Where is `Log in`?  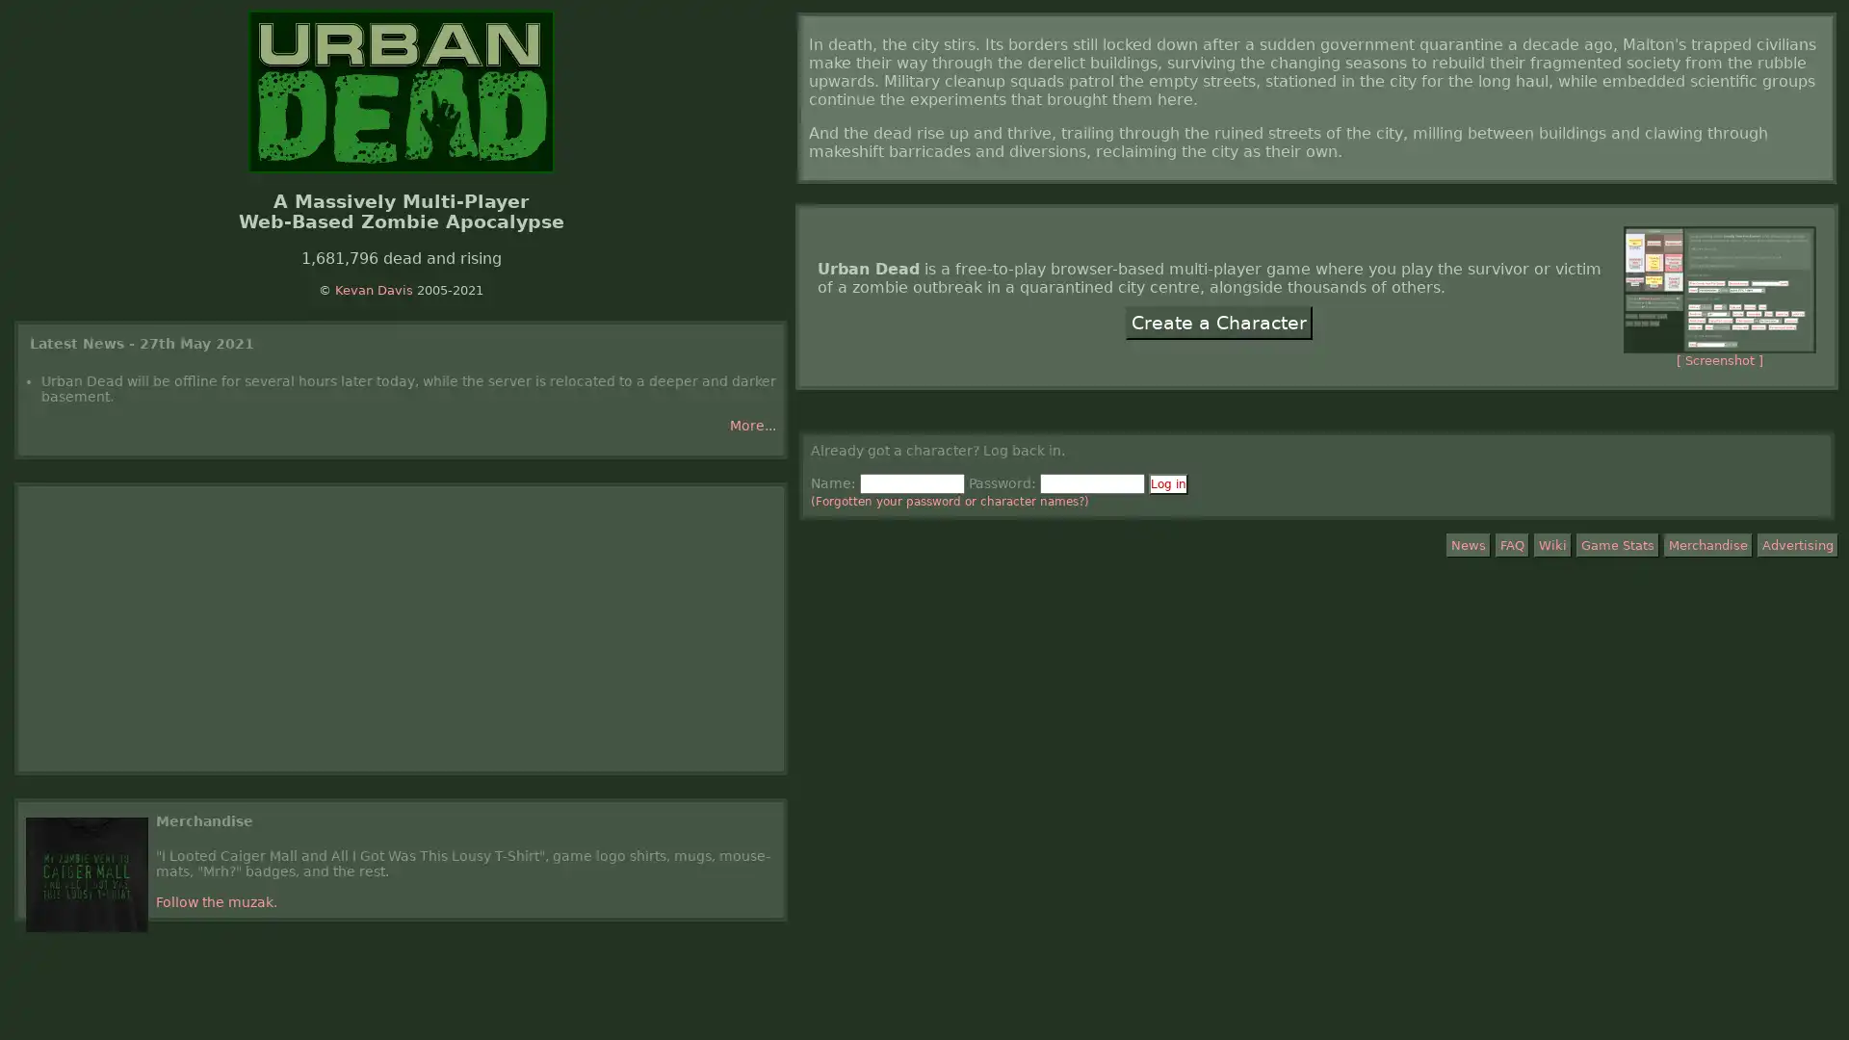
Log in is located at coordinates (1167, 482).